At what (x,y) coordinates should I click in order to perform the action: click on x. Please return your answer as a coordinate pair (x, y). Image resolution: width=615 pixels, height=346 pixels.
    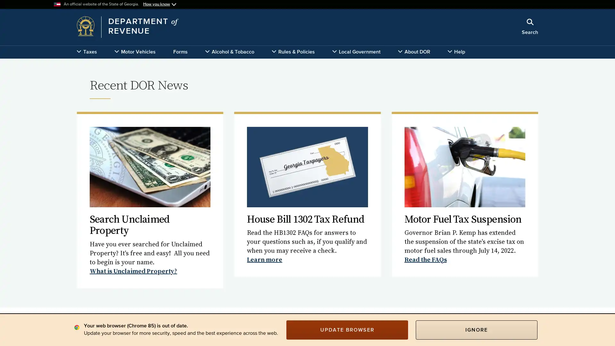
    Looking at the image, I should click on (138, 104).